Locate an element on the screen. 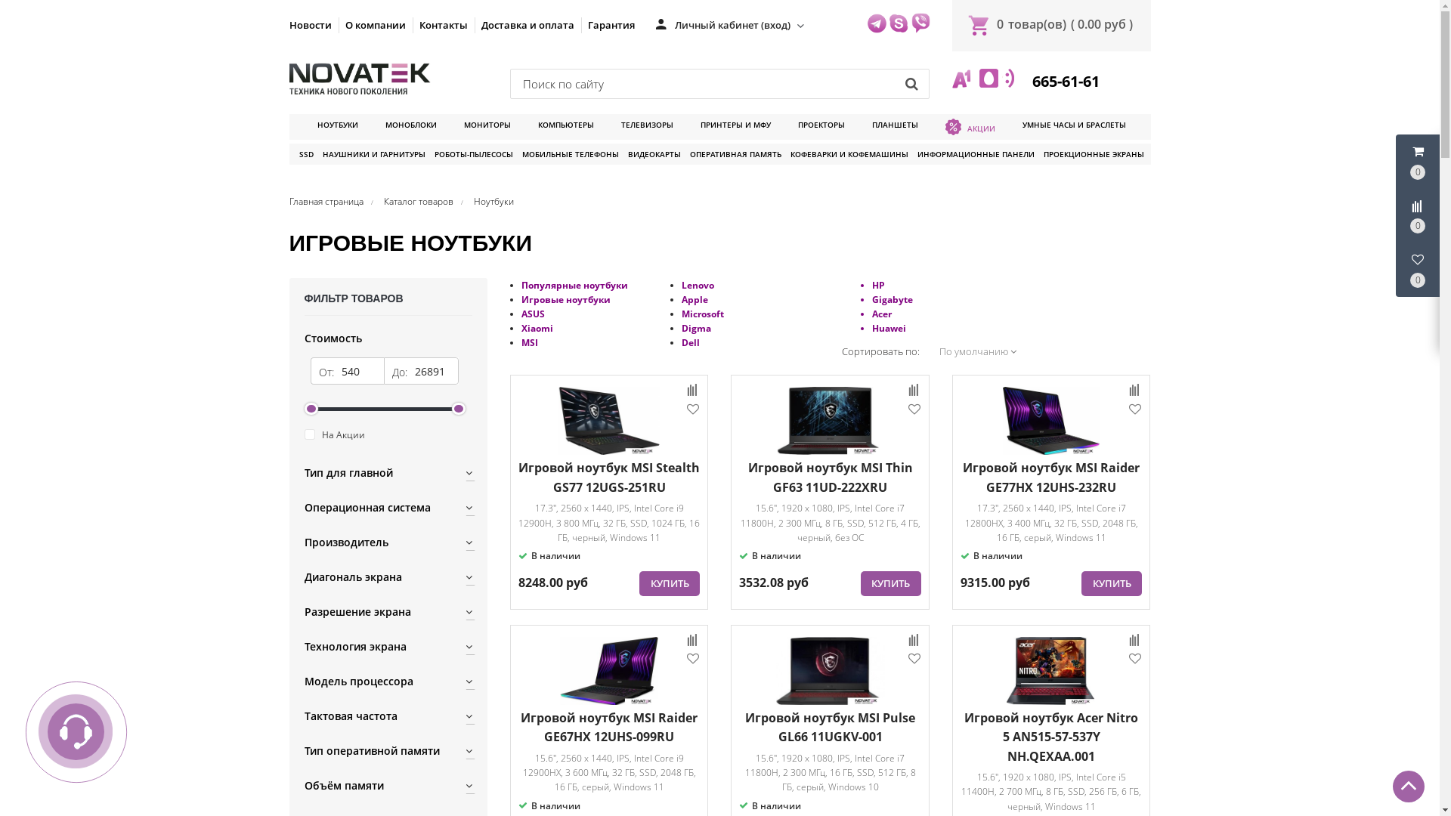 Image resolution: width=1451 pixels, height=816 pixels. 'Apple' is located at coordinates (694, 299).